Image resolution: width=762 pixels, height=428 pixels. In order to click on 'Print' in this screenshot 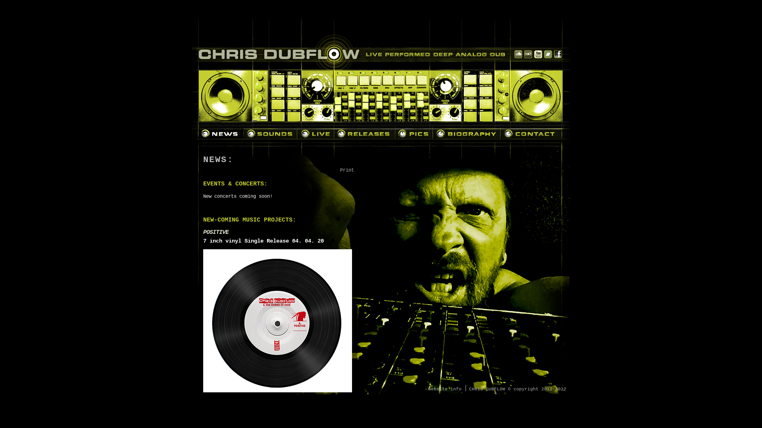, I will do `click(347, 169)`.